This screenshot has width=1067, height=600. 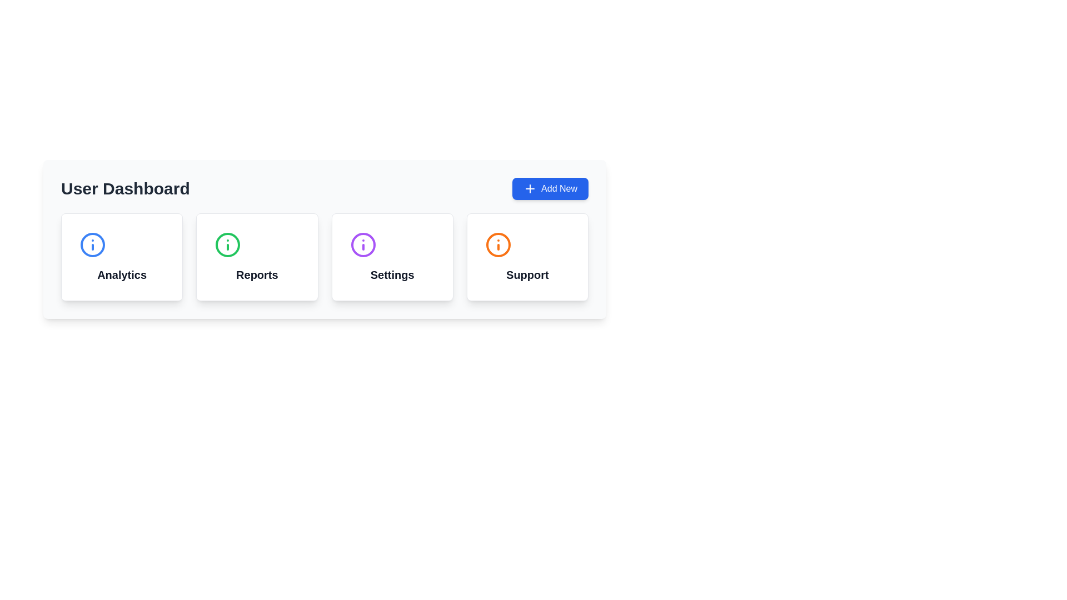 What do you see at coordinates (363, 244) in the screenshot?
I see `the purple circular icon with the letter 'i' that is centrally aligned within the 'Settings' card to focus it` at bounding box center [363, 244].